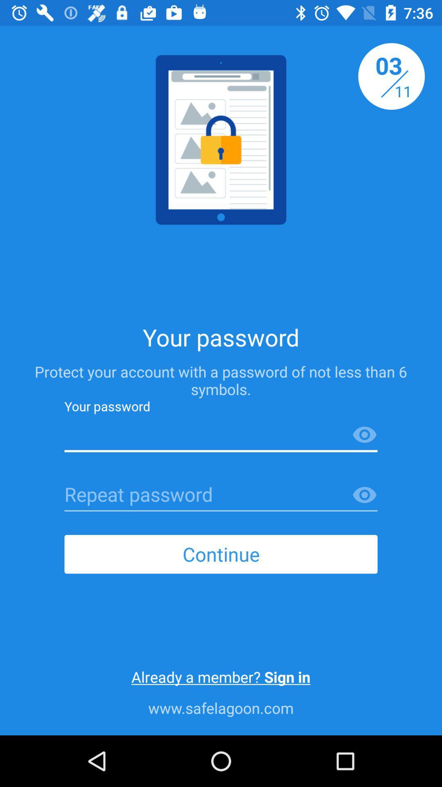 The width and height of the screenshot is (442, 787). Describe the element at coordinates (364, 495) in the screenshot. I see `the visibility icon` at that location.